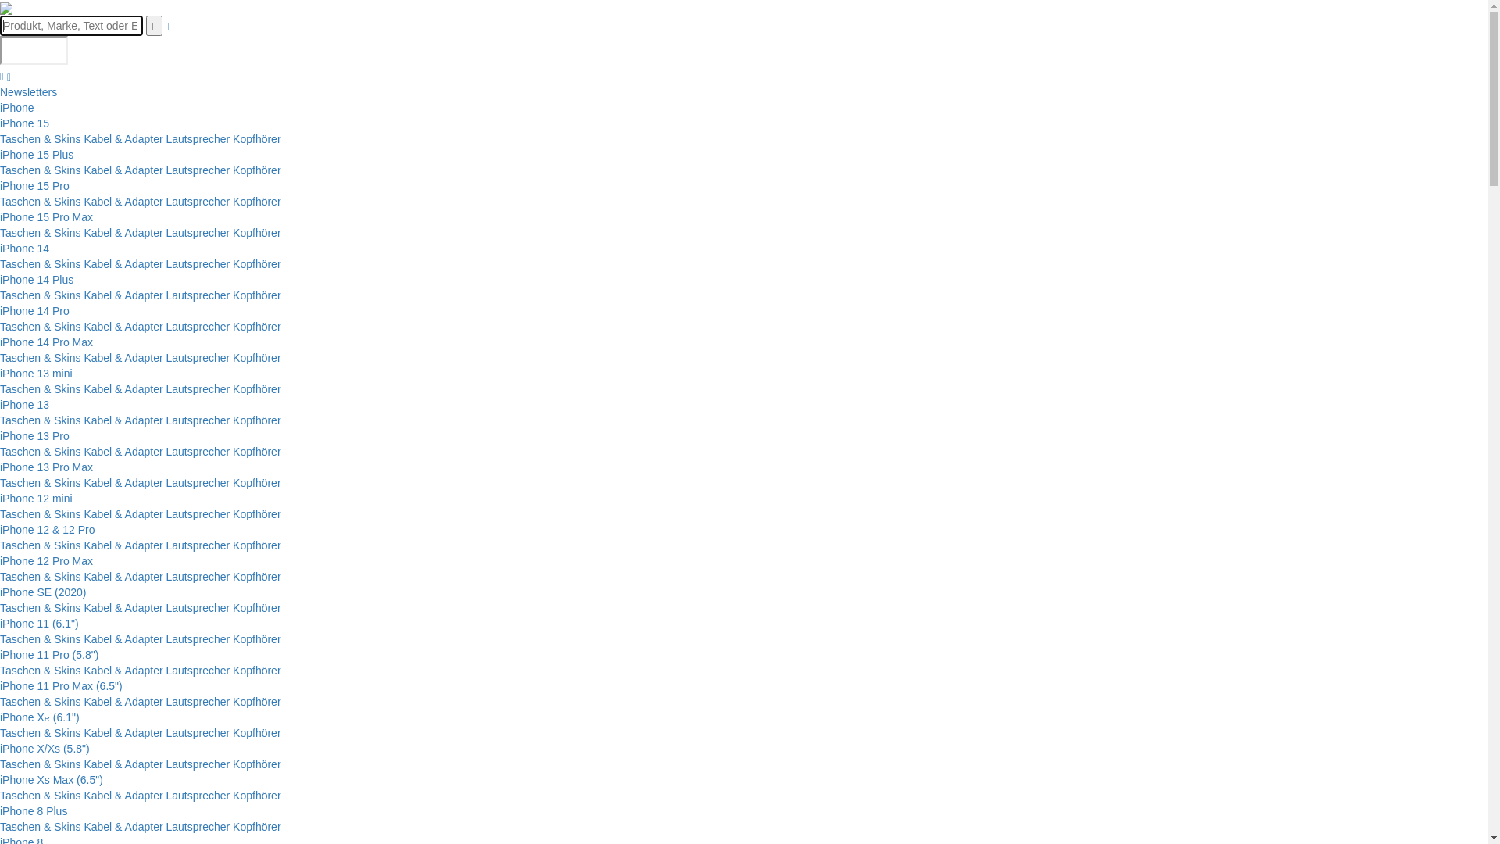 The height and width of the screenshot is (844, 1500). What do you see at coordinates (0, 403) in the screenshot?
I see `'iPhone 13'` at bounding box center [0, 403].